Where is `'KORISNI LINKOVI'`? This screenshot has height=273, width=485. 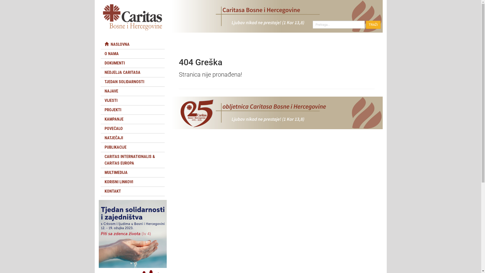
'KORISNI LINKOVI' is located at coordinates (132, 182).